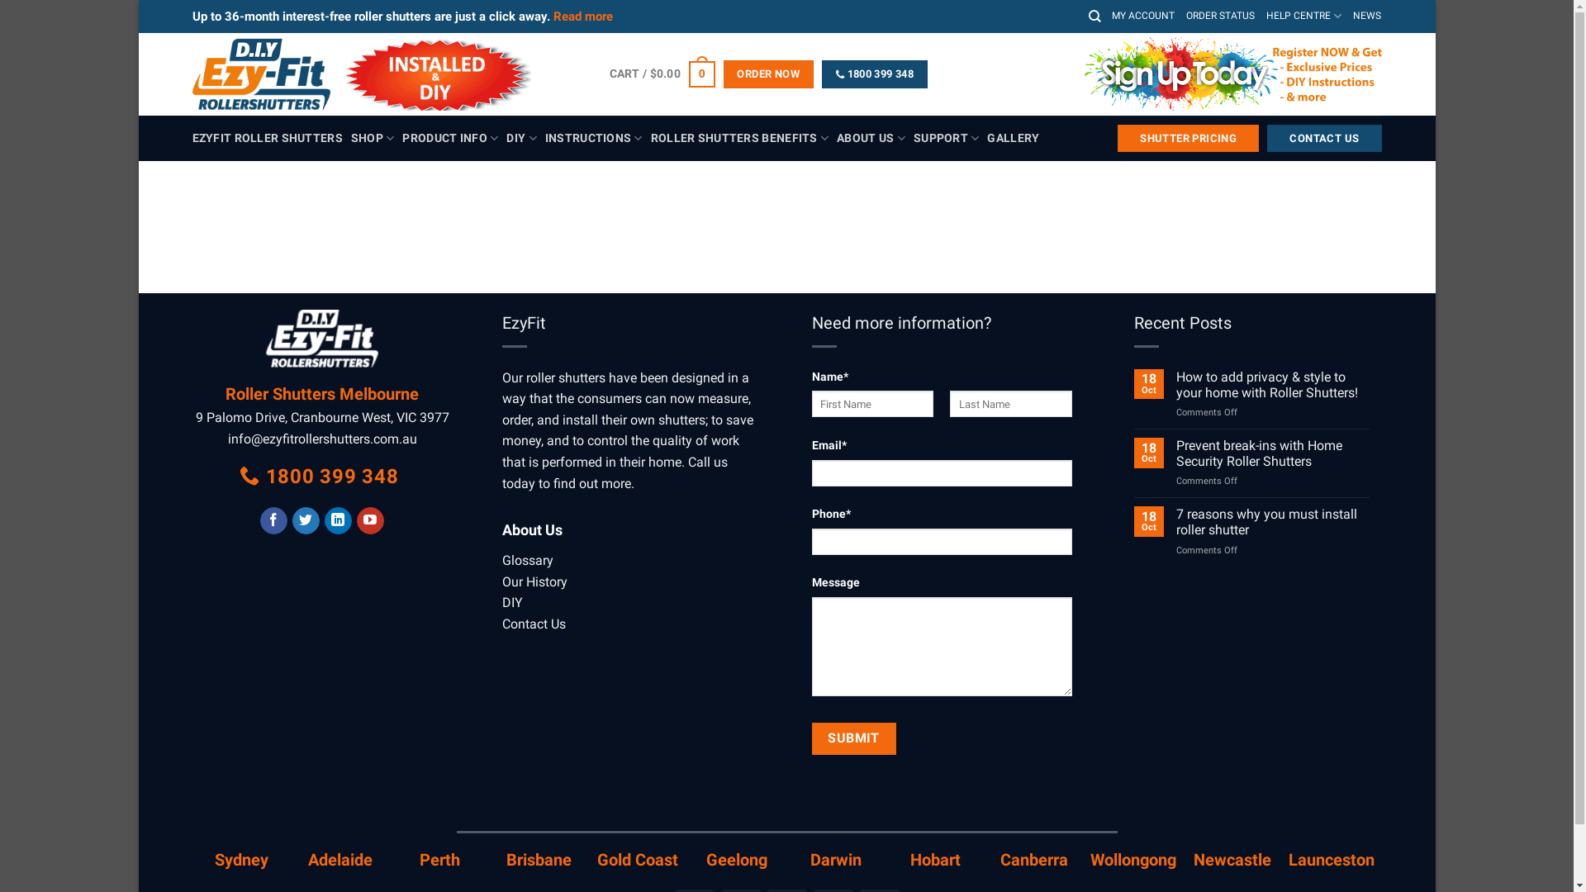  Describe the element at coordinates (1012, 138) in the screenshot. I see `'GALLERY'` at that location.